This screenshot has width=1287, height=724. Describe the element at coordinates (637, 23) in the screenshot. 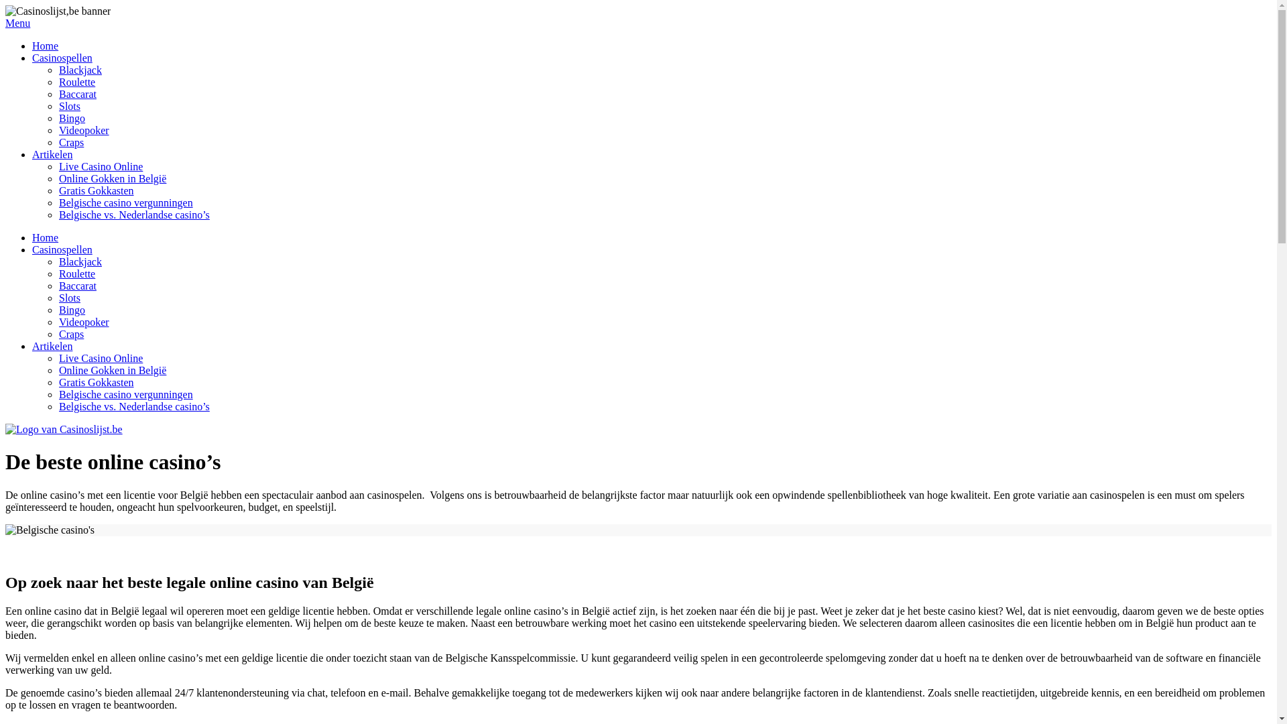

I see `'Menu'` at that location.